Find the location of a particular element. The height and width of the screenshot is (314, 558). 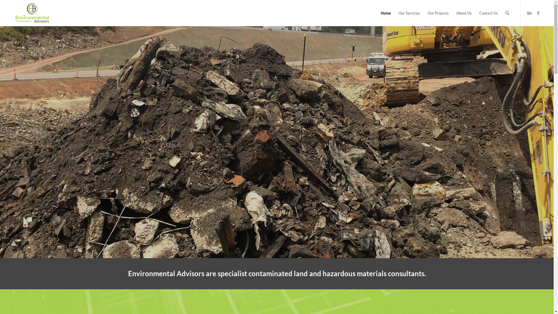

'Home' is located at coordinates (386, 13).